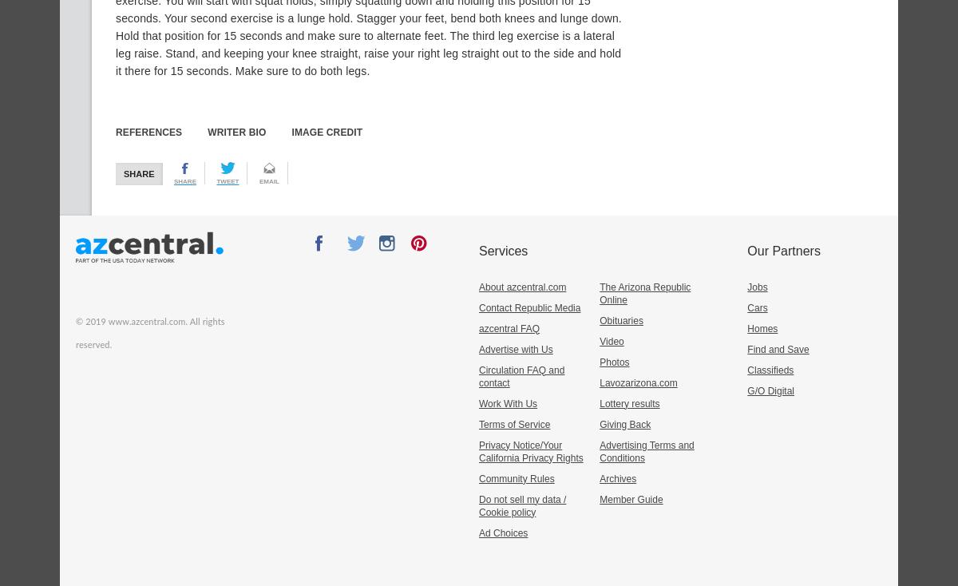 This screenshot has width=958, height=586. I want to click on 'Do not sell my data / Cookie policy', so click(522, 505).